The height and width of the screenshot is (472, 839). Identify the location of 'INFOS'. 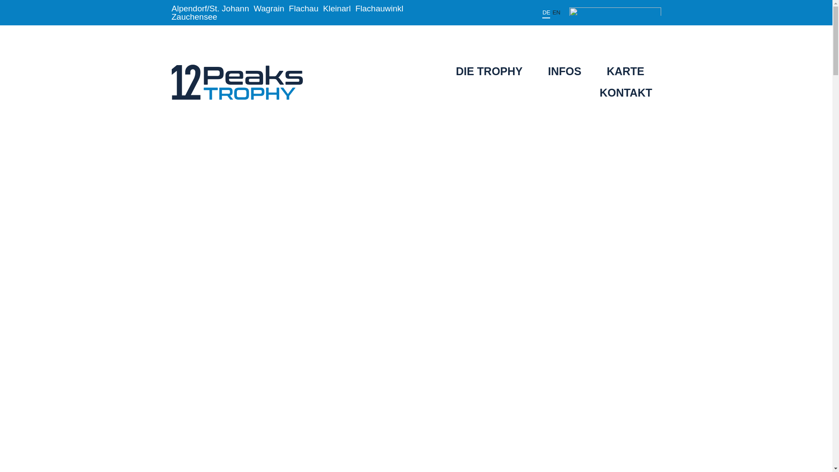
(564, 71).